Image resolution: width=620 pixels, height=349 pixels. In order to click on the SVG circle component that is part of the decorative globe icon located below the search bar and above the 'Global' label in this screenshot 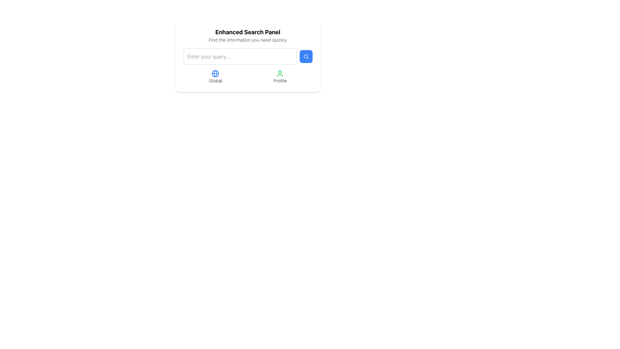, I will do `click(215, 73)`.